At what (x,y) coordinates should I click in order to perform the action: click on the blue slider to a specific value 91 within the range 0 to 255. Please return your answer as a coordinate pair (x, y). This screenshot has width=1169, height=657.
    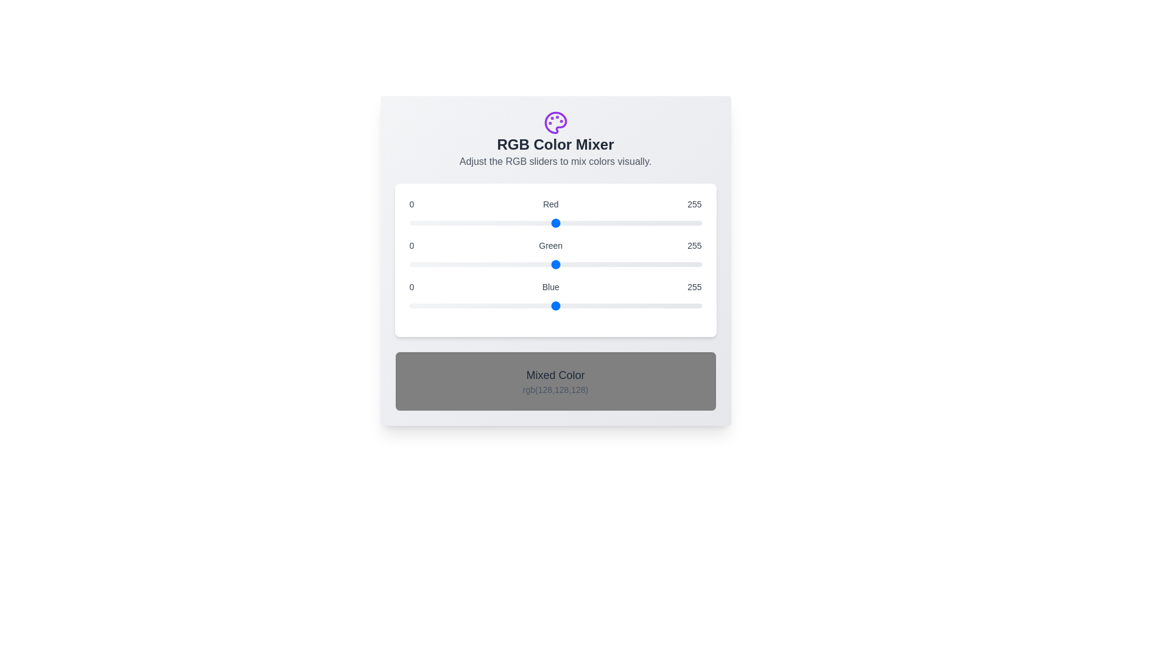
    Looking at the image, I should click on (513, 305).